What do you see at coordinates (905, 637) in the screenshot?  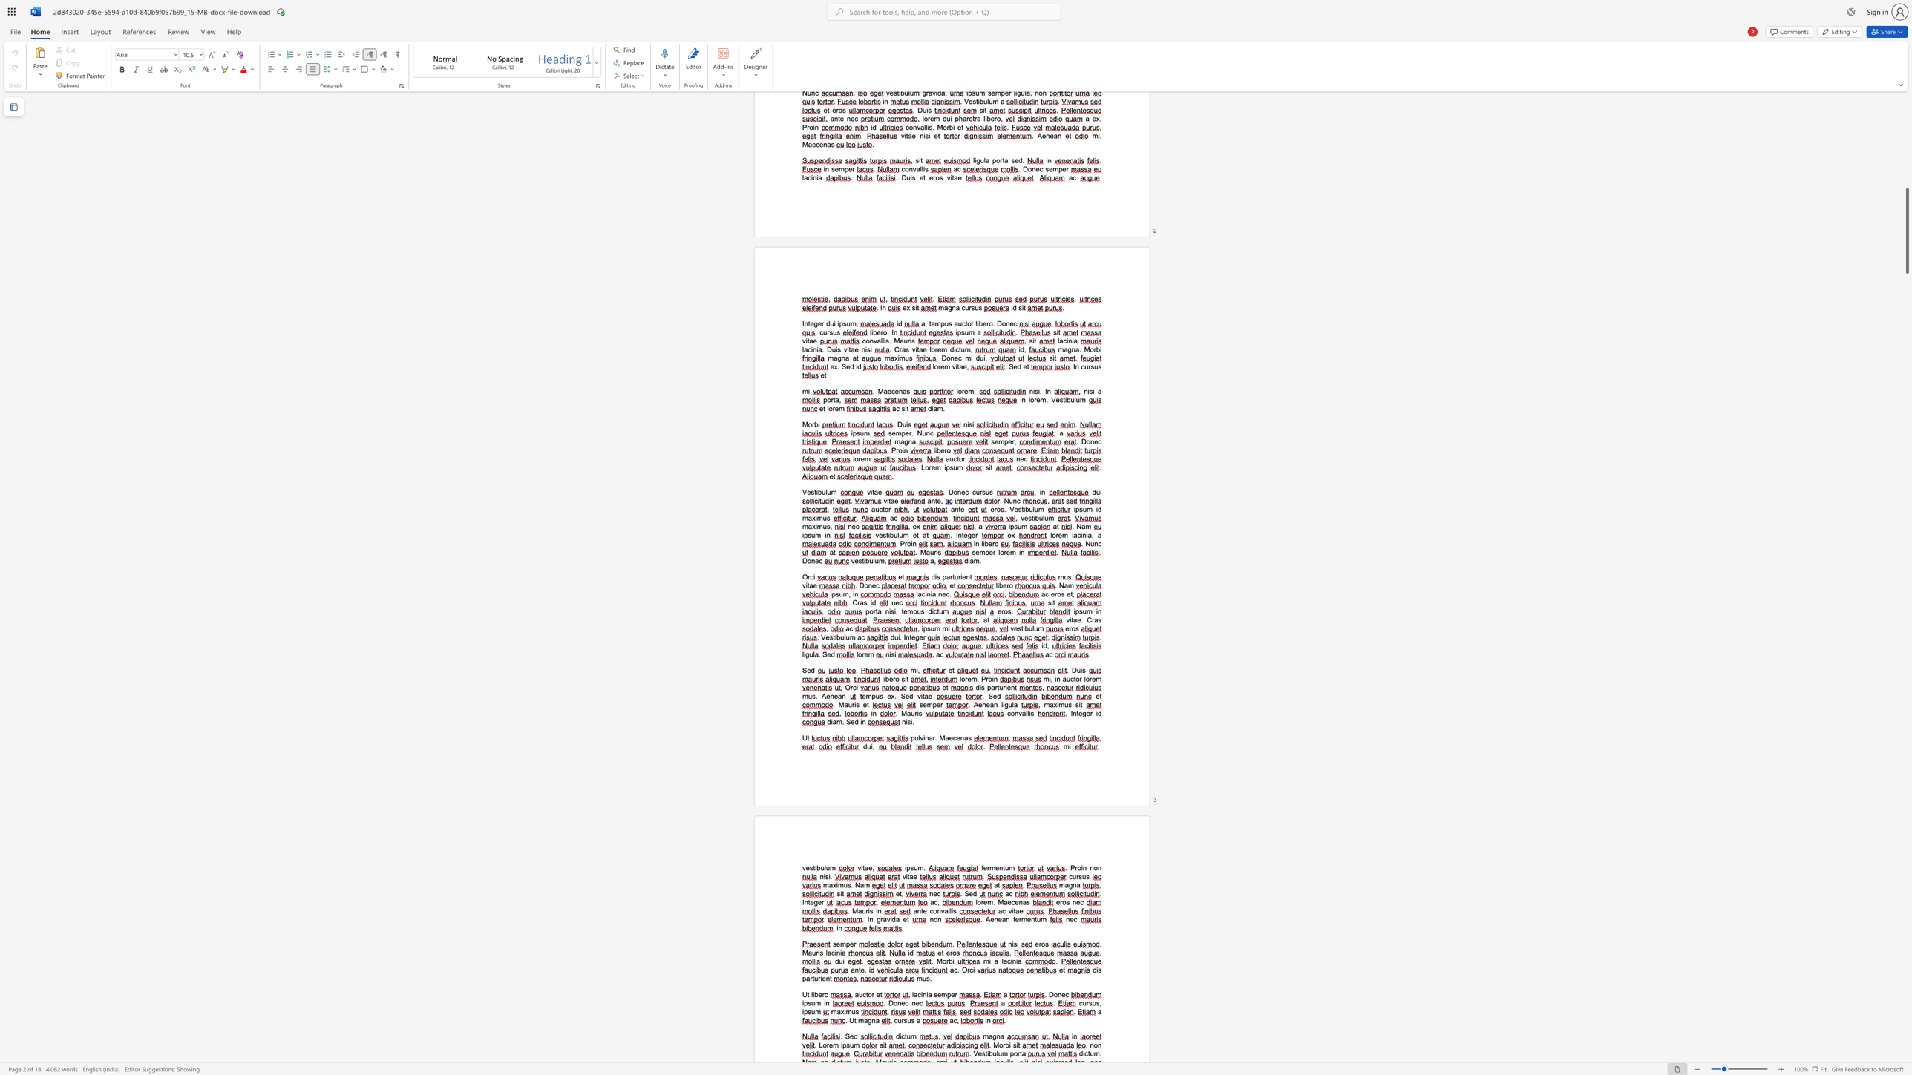 I see `the 1th character "I" in the text` at bounding box center [905, 637].